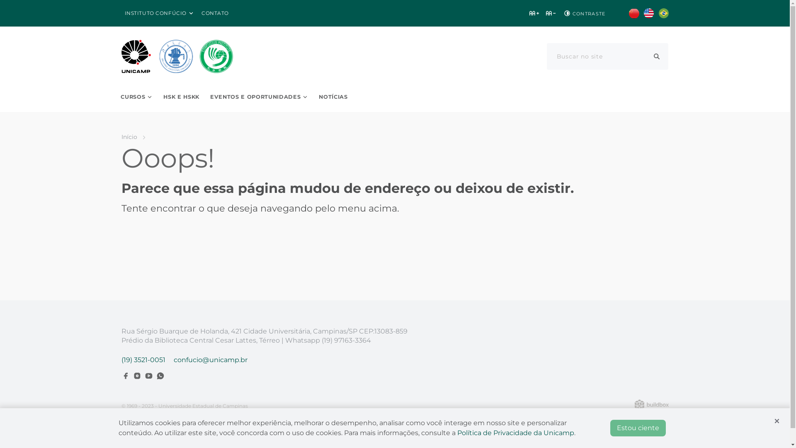 The image size is (796, 448). I want to click on 'HSK E HSKK', so click(158, 97).